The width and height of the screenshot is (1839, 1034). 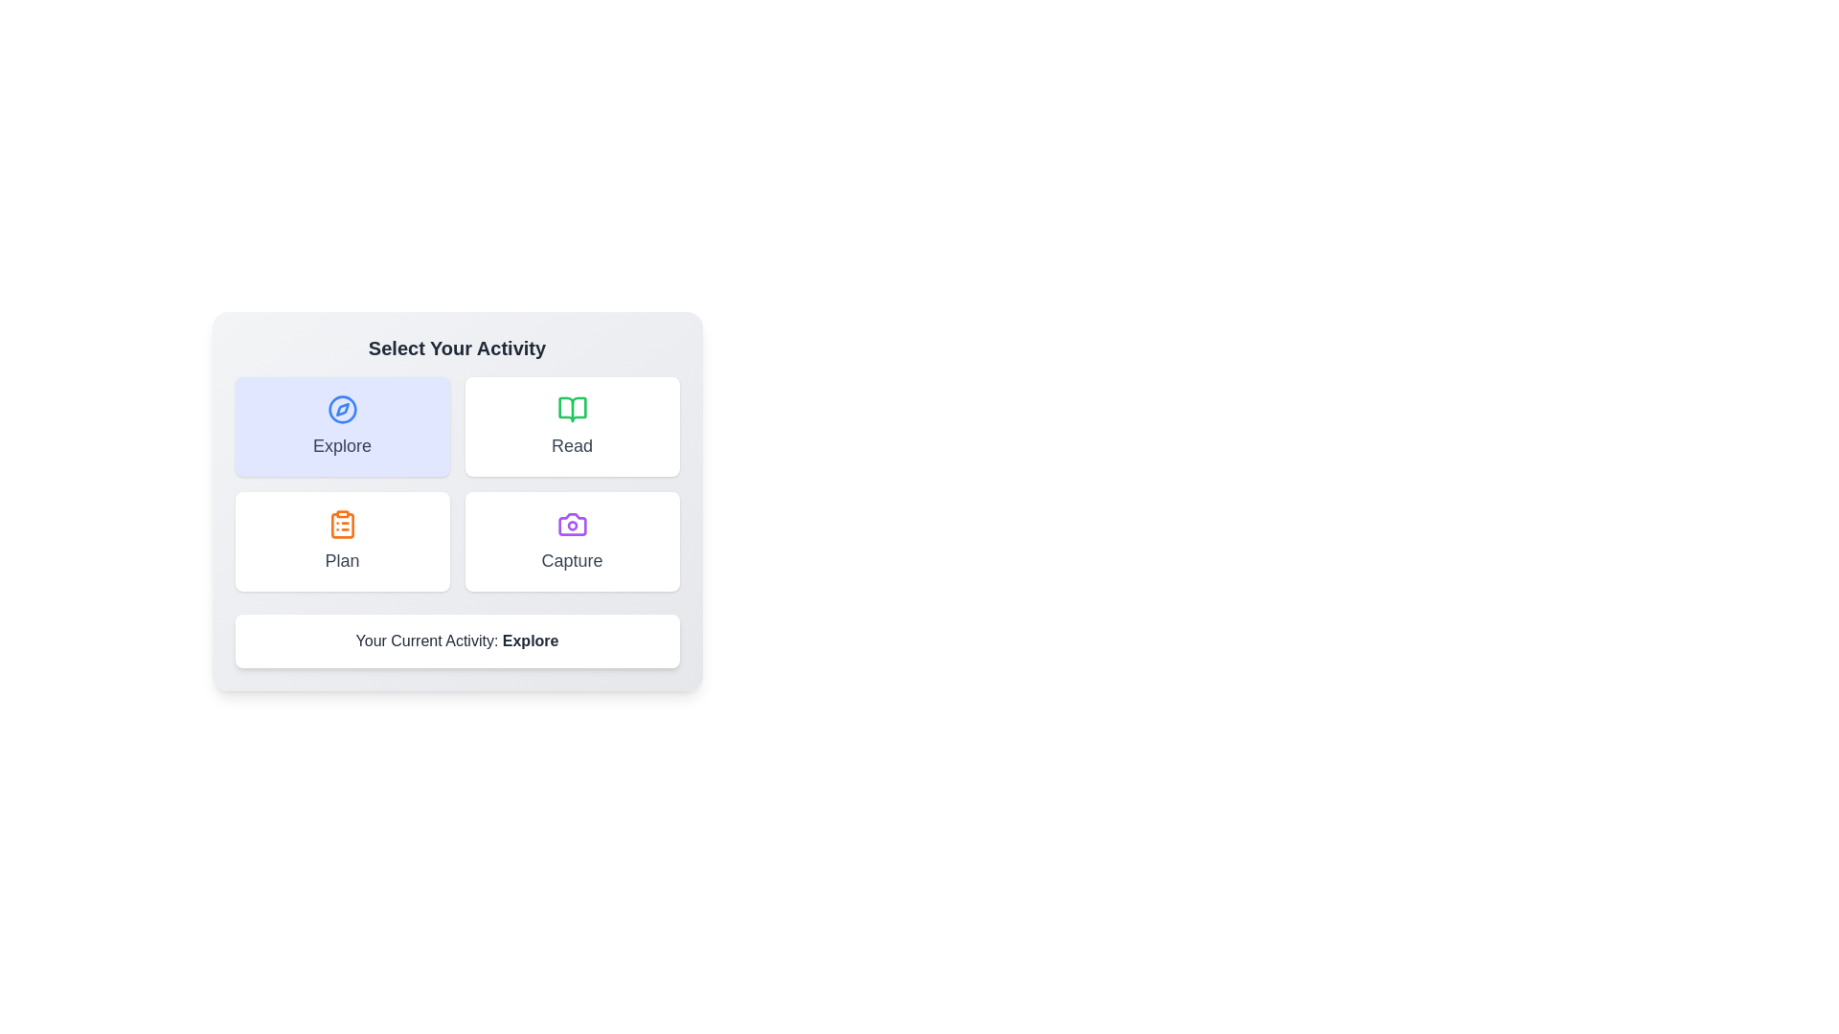 I want to click on the button corresponding to the activity Capture, so click(x=571, y=542).